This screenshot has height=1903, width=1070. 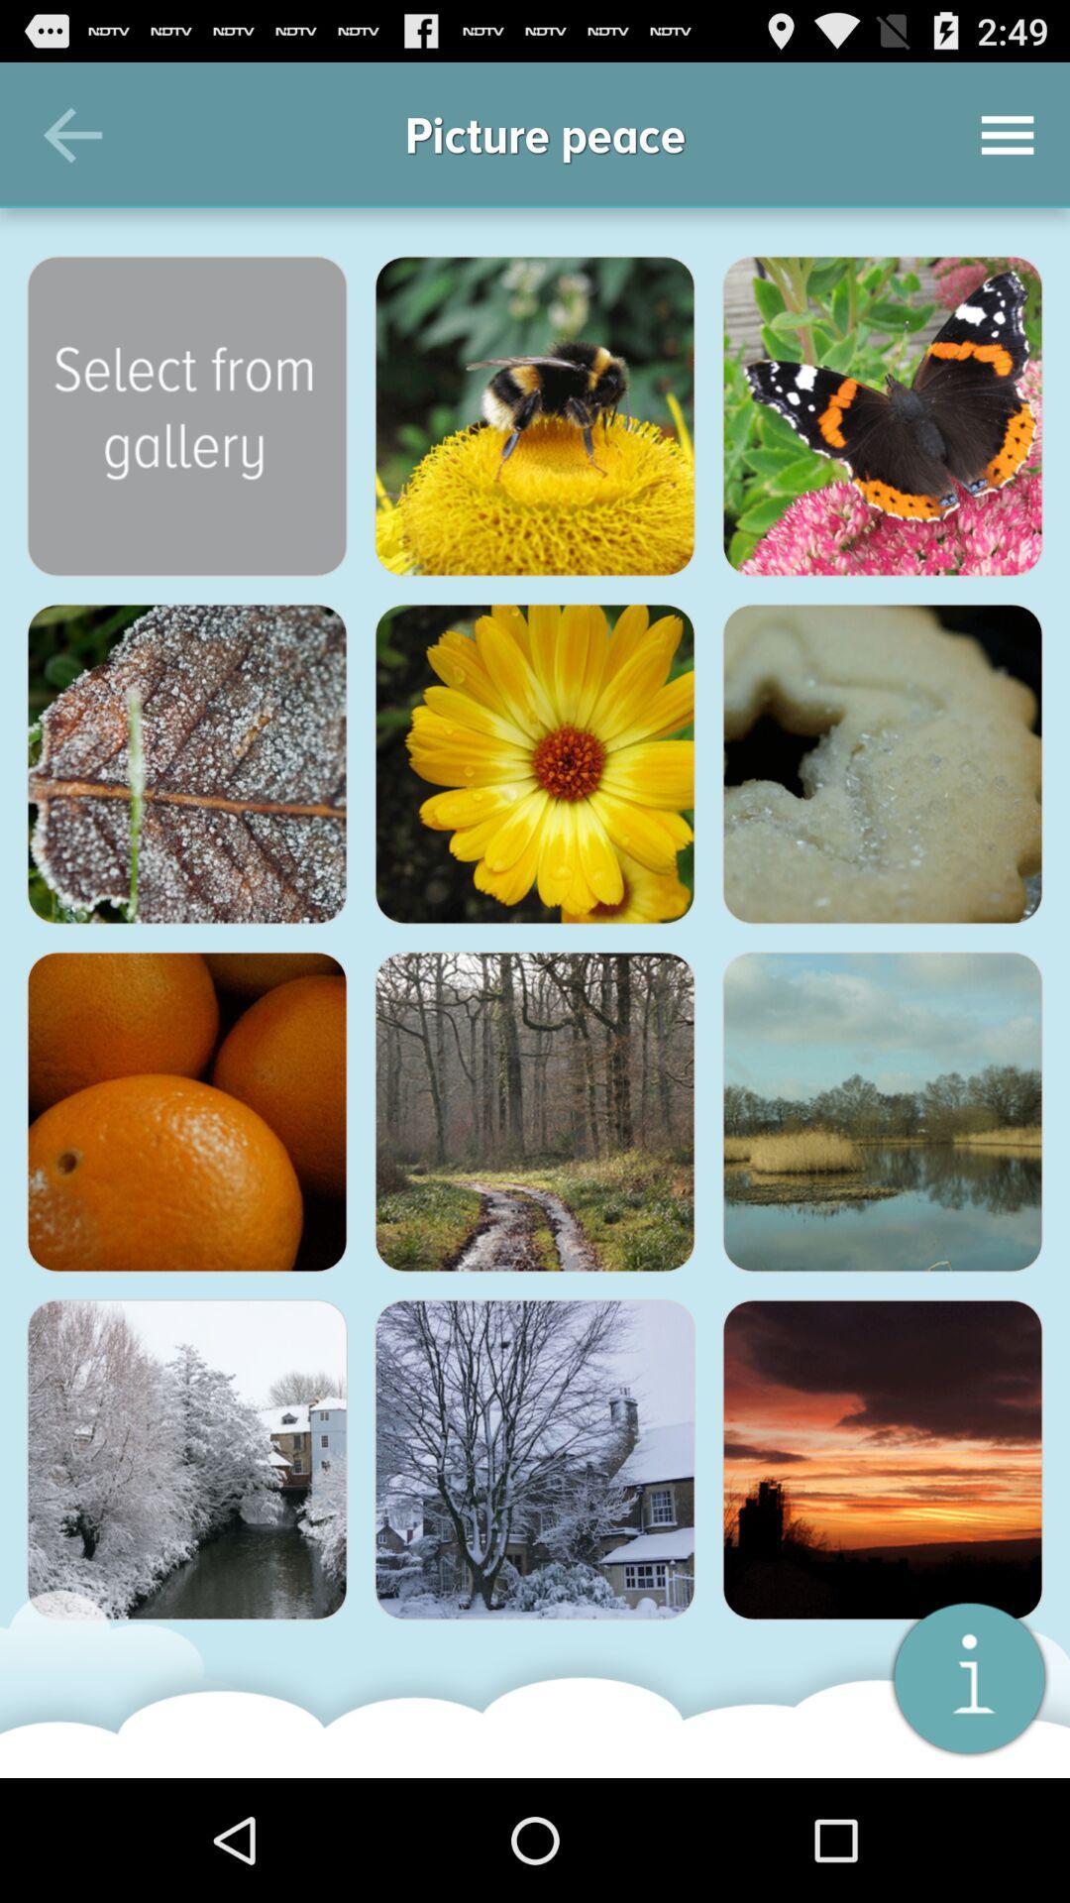 What do you see at coordinates (882, 763) in the screenshot?
I see `gallery image` at bounding box center [882, 763].